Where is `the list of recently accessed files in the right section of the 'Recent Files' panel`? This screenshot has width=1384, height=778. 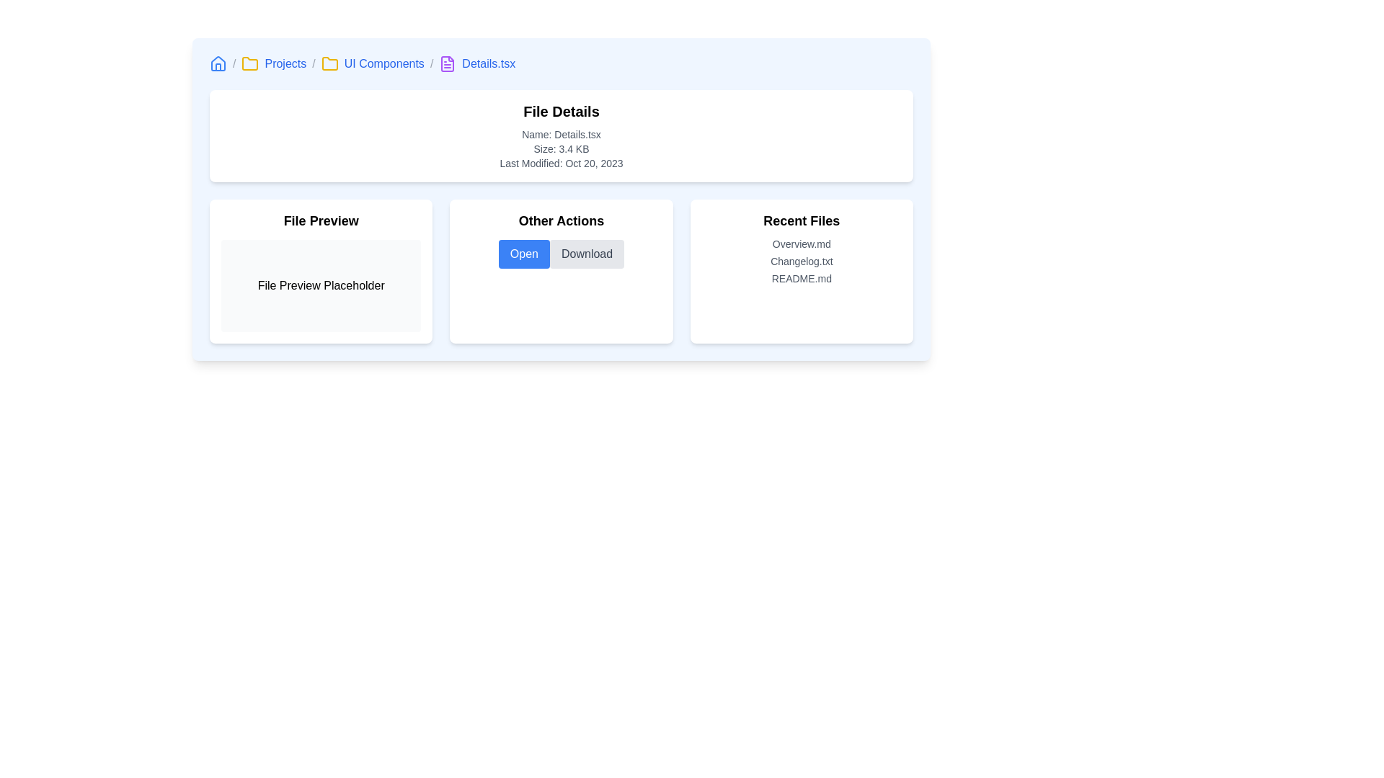
the list of recently accessed files in the right section of the 'Recent Files' panel is located at coordinates (801, 261).